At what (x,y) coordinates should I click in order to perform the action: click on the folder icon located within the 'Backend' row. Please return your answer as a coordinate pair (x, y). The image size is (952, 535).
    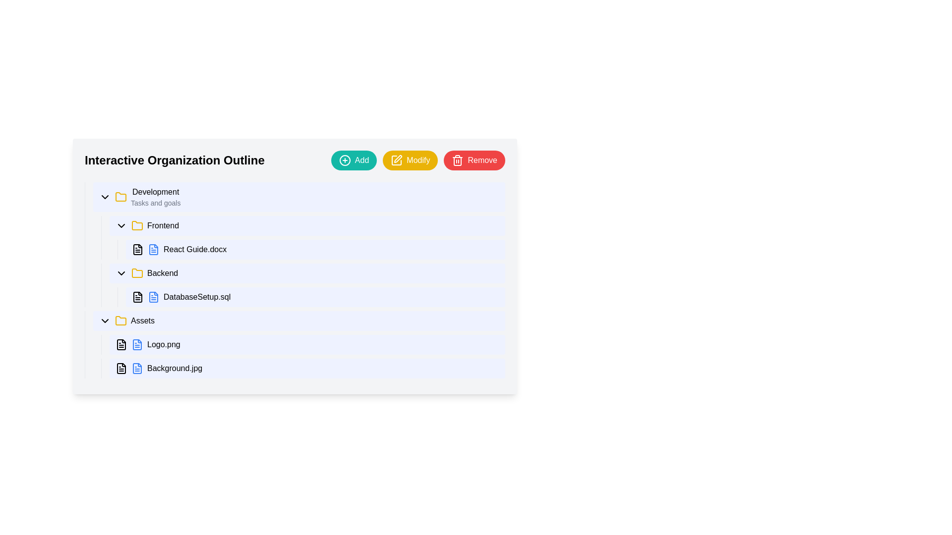
    Looking at the image, I should click on (137, 273).